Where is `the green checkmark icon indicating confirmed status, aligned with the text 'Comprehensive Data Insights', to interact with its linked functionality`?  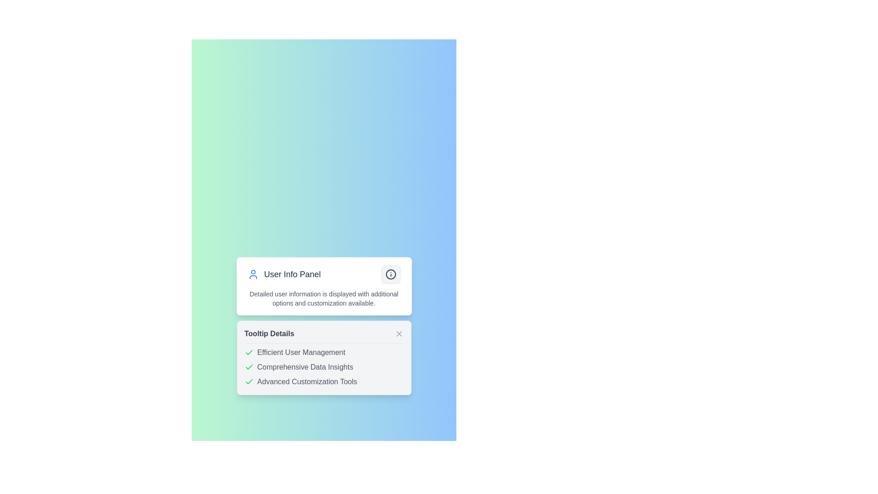
the green checkmark icon indicating confirmed status, aligned with the text 'Comprehensive Data Insights', to interact with its linked functionality is located at coordinates (249, 366).